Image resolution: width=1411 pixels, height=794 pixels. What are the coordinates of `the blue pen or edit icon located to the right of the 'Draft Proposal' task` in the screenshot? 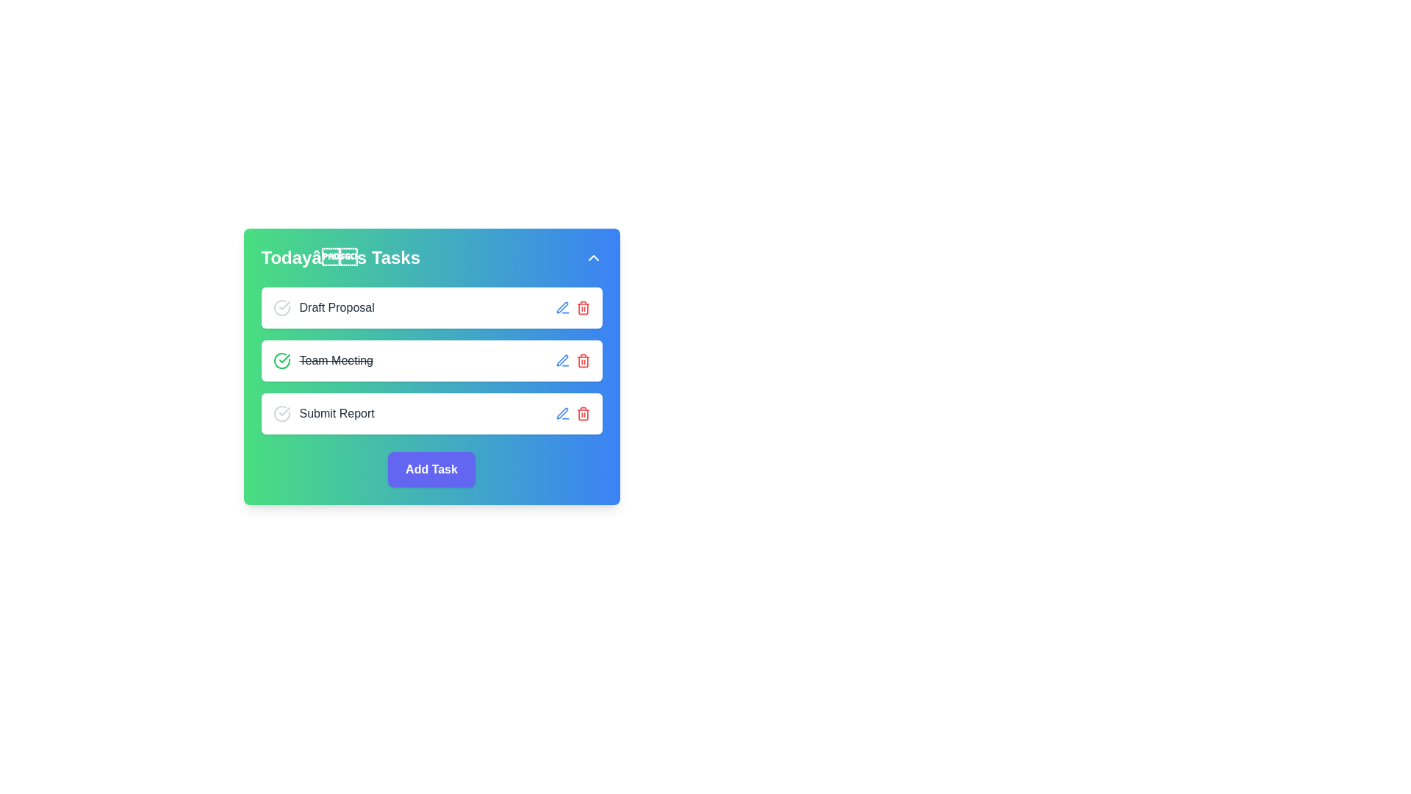 It's located at (561, 360).